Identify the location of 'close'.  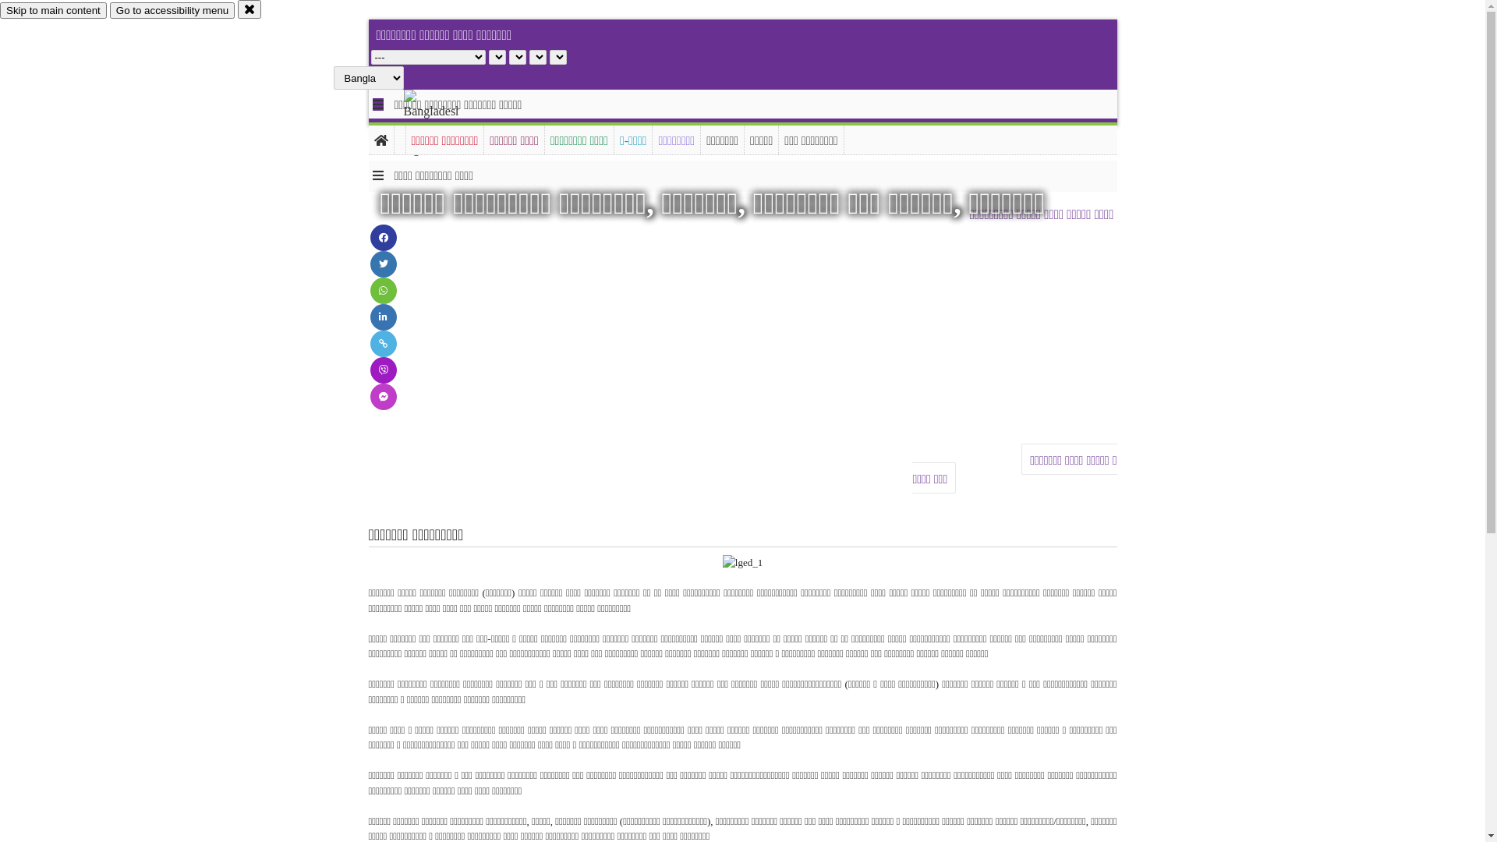
(237, 9).